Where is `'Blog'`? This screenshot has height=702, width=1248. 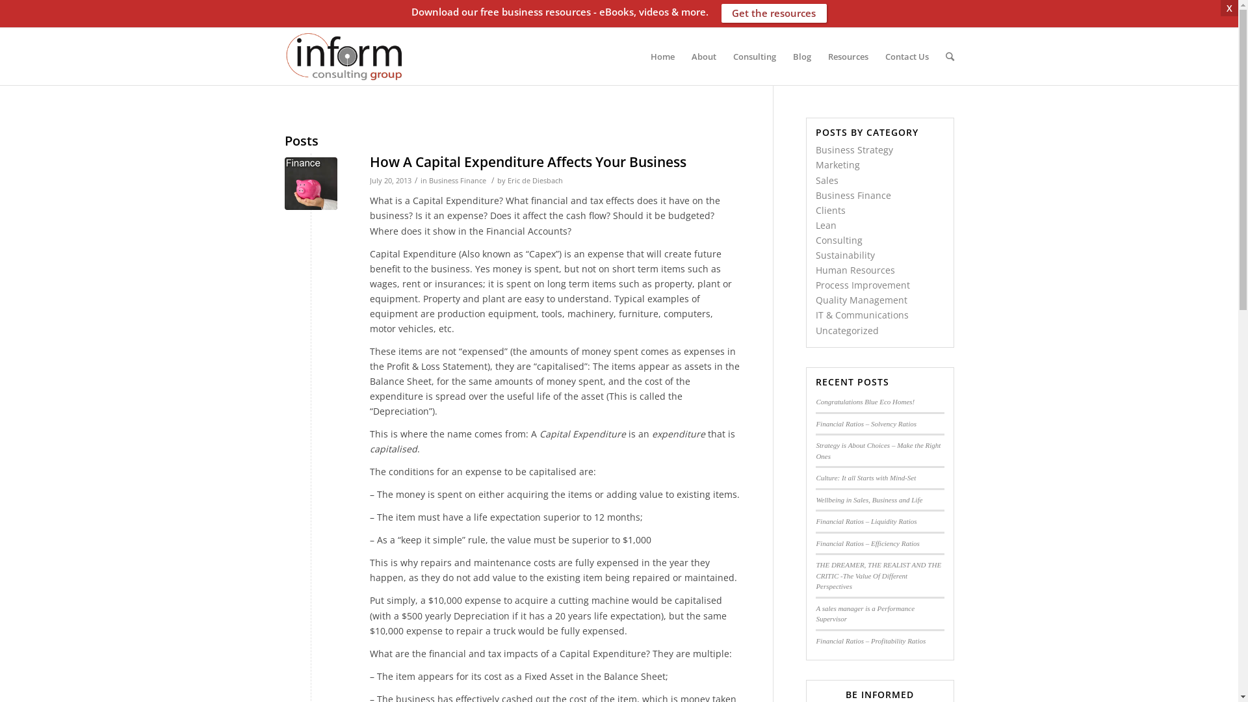
'Blog' is located at coordinates (801, 56).